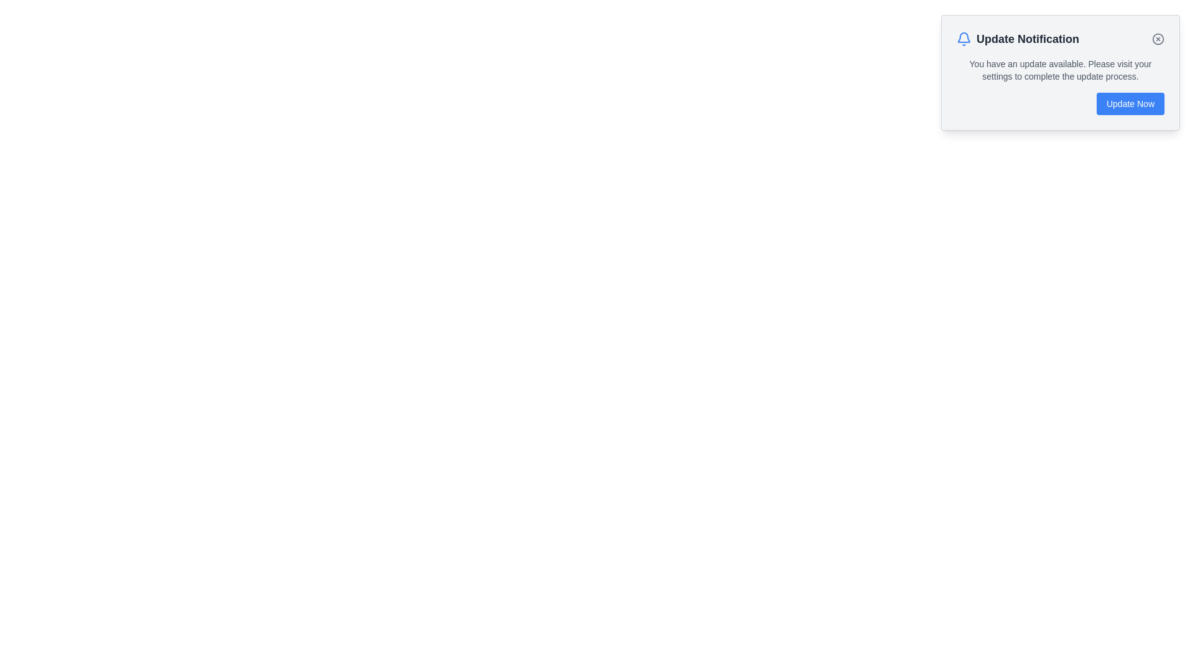  What do you see at coordinates (1130, 103) in the screenshot?
I see `the 'Update Now' button, which is a rectangular button with rounded corners, a blue background, and white text, located at the bottom-right corner of the notification panel` at bounding box center [1130, 103].